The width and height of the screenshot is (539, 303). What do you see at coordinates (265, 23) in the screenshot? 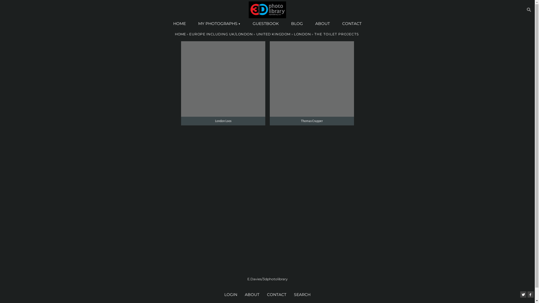
I see `'GUESTBOOK'` at bounding box center [265, 23].